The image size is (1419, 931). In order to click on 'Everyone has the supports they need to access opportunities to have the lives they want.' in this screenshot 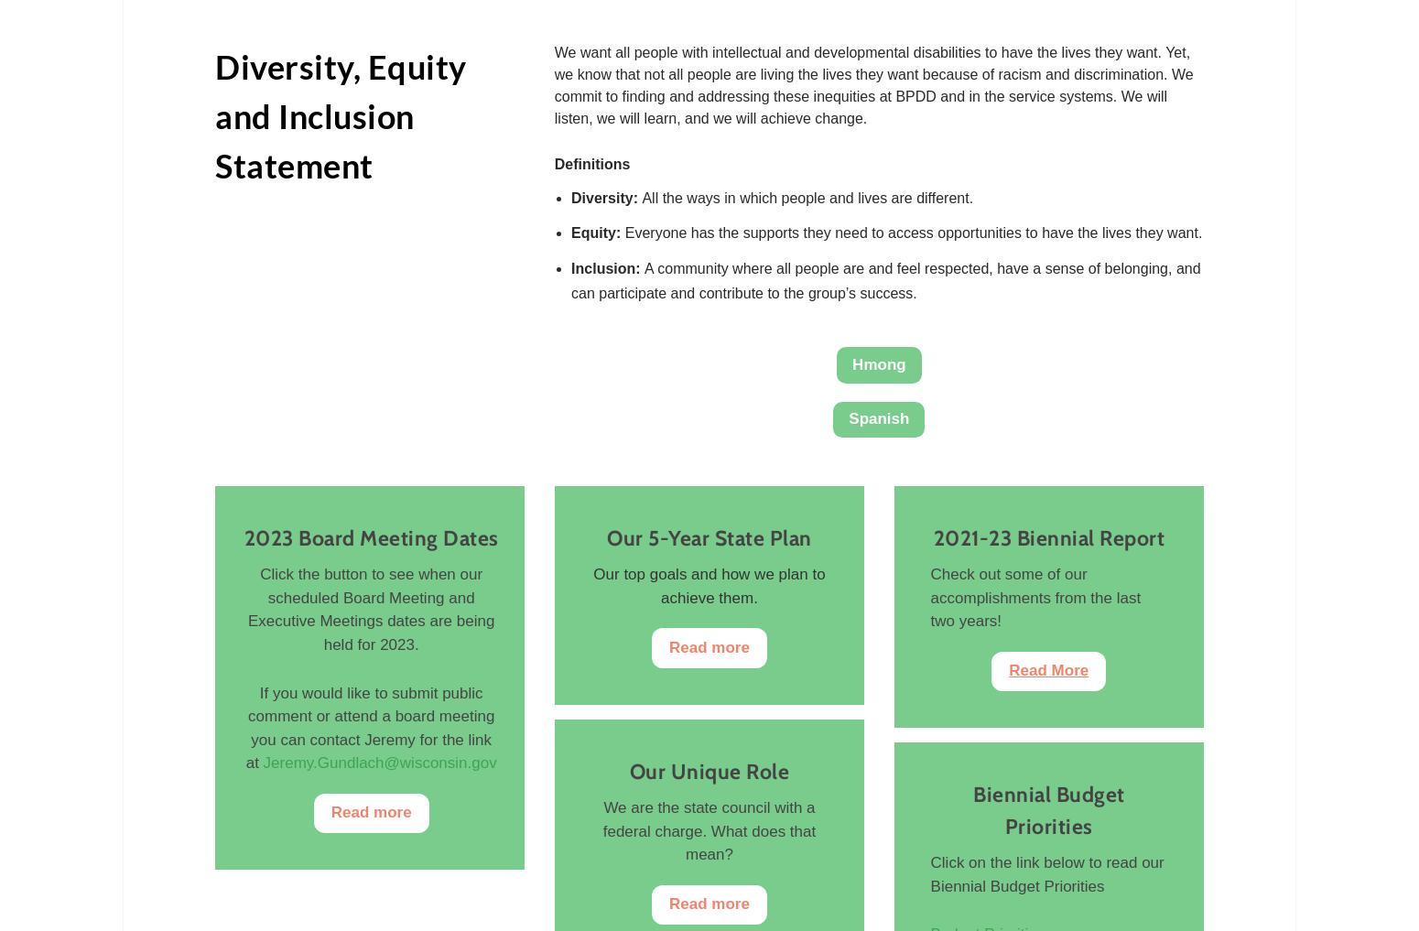, I will do `click(912, 232)`.